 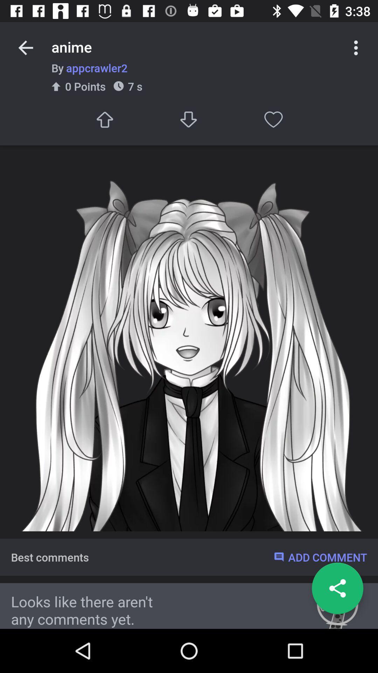 What do you see at coordinates (337, 588) in the screenshot?
I see `share button` at bounding box center [337, 588].